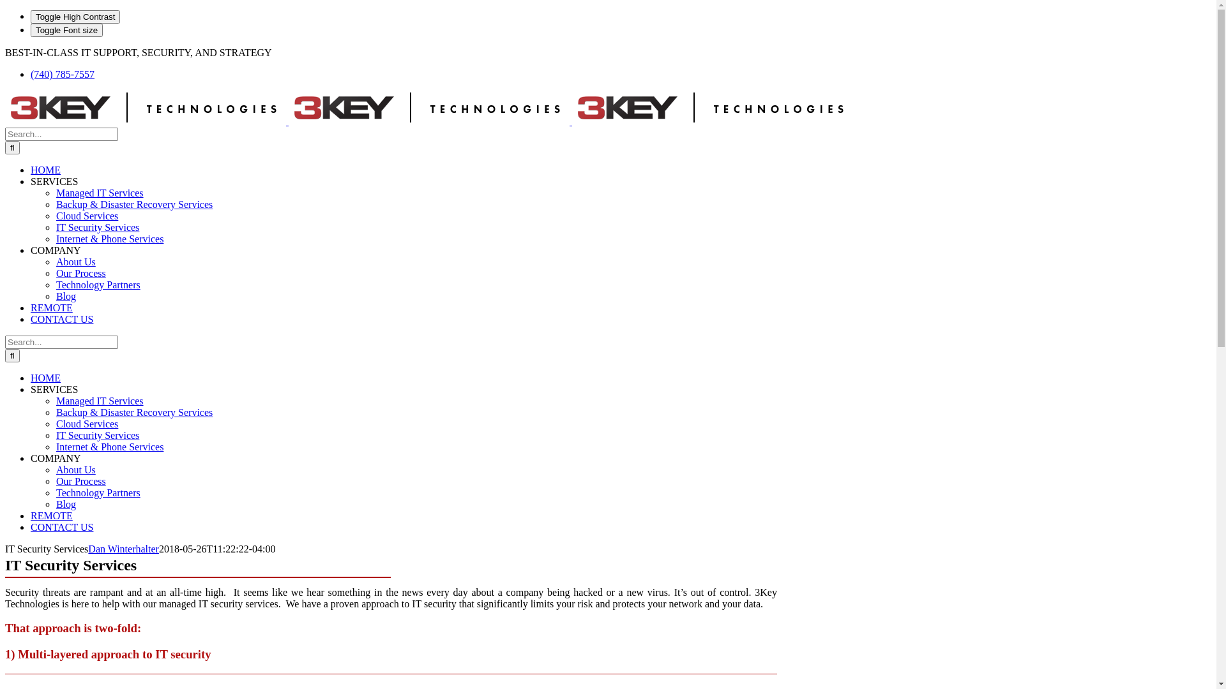 The image size is (1226, 689). Describe the element at coordinates (66, 29) in the screenshot. I see `'Toggle Font size'` at that location.